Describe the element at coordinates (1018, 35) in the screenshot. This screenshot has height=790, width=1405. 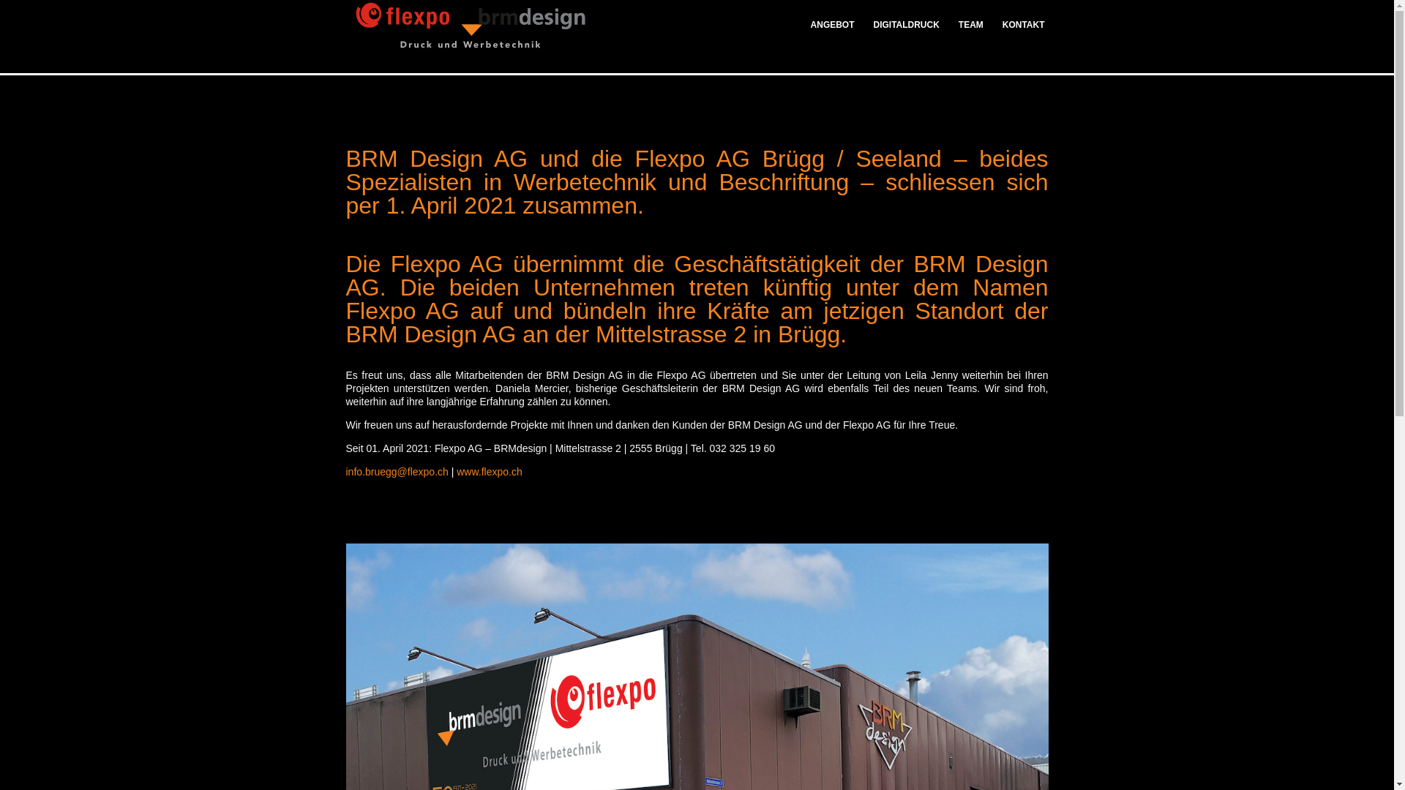
I see `'KONTAKT'` at that location.